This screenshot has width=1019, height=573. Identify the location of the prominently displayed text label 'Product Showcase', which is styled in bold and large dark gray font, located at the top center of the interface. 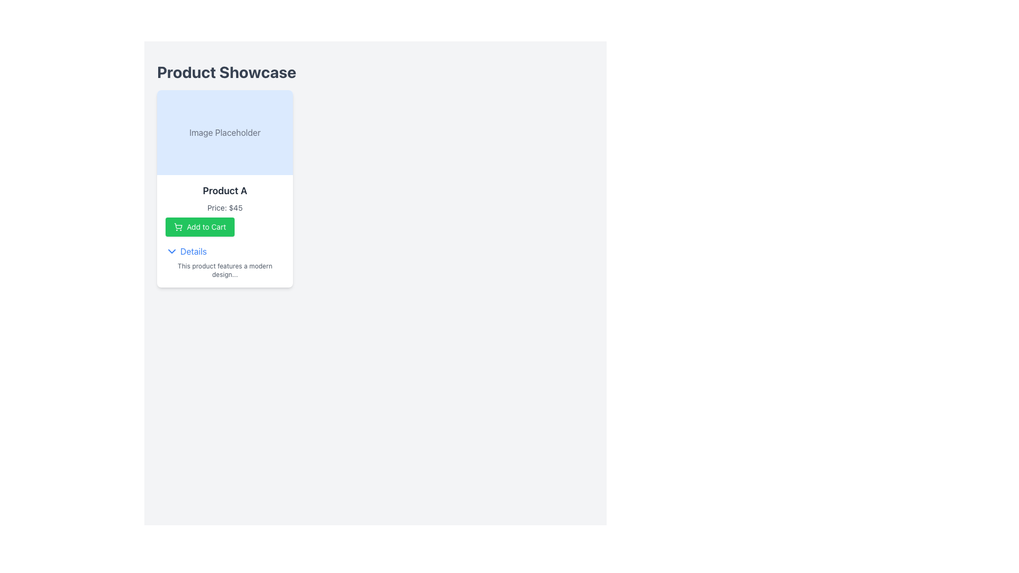
(226, 72).